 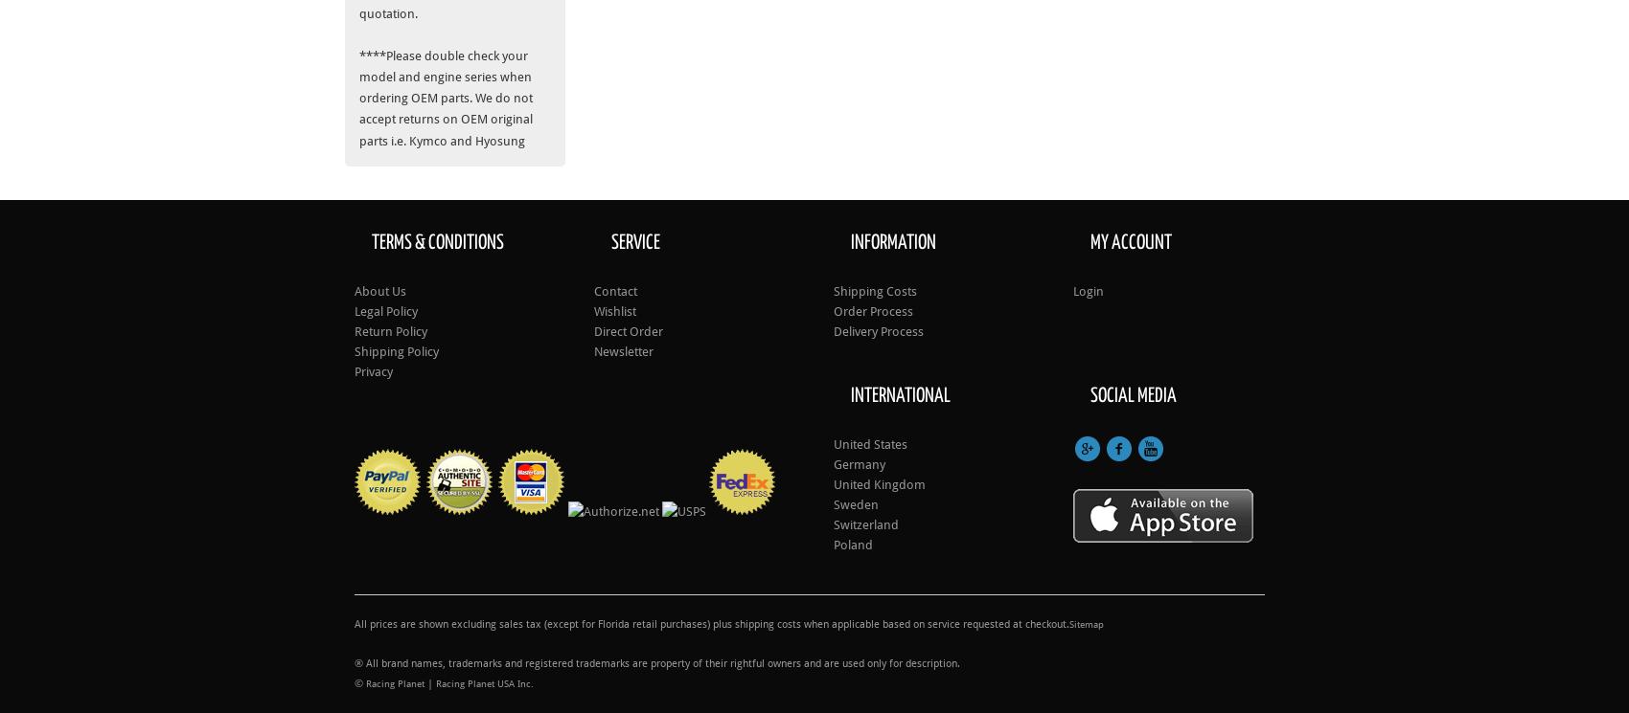 I want to click on 'Wishlist', so click(x=614, y=309).